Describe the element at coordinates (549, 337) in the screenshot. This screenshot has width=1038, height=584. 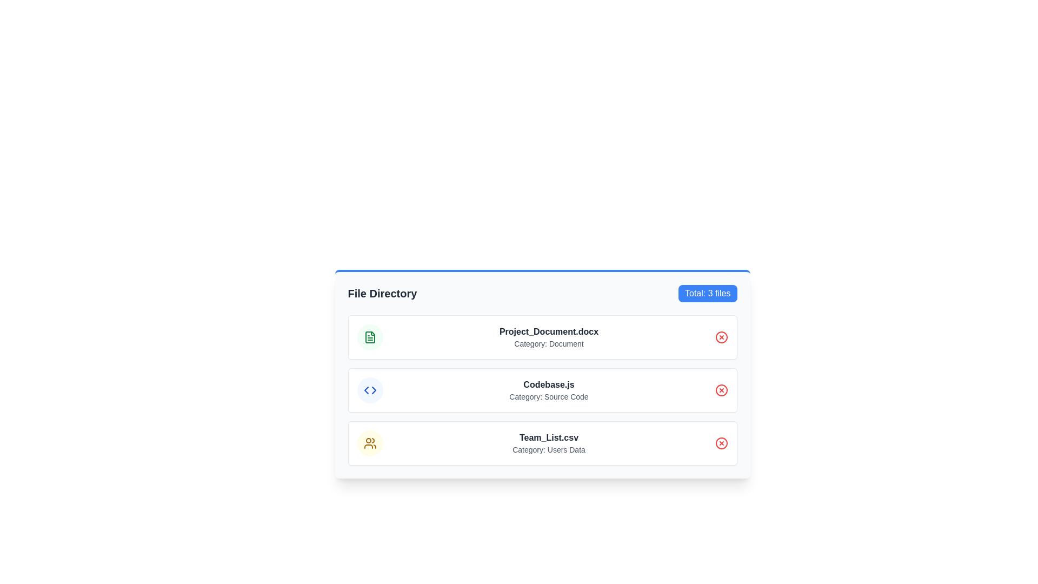
I see `the label representing the file entry, which is the first item in a vertically stacked list` at that location.